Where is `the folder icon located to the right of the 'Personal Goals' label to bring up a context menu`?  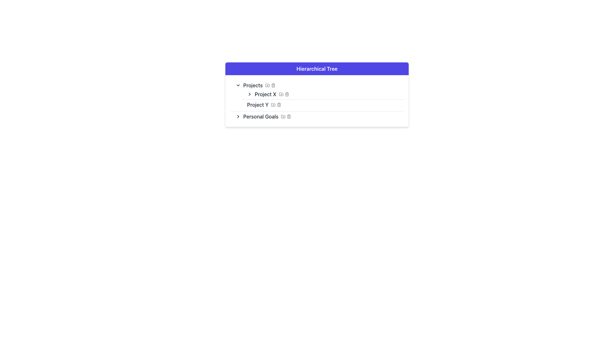 the folder icon located to the right of the 'Personal Goals' label to bring up a context menu is located at coordinates (283, 116).